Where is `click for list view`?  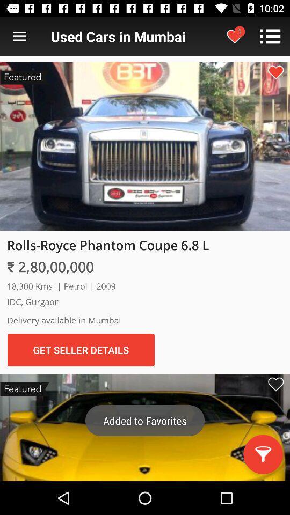 click for list view is located at coordinates (19, 36).